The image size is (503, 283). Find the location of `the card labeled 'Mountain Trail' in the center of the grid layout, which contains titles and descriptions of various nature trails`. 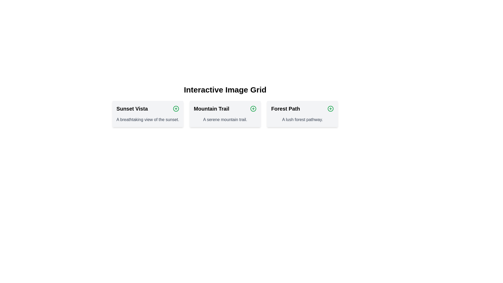

the card labeled 'Mountain Trail' in the center of the grid layout, which contains titles and descriptions of various nature trails is located at coordinates (225, 114).